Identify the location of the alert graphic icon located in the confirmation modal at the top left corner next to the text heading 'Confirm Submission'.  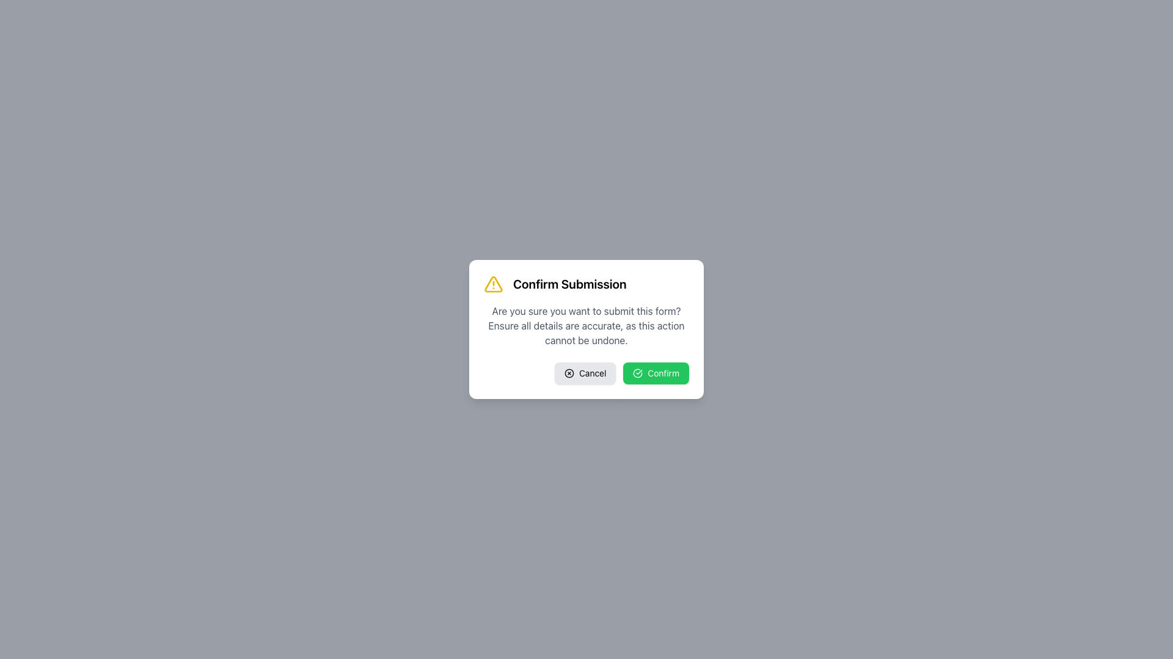
(493, 284).